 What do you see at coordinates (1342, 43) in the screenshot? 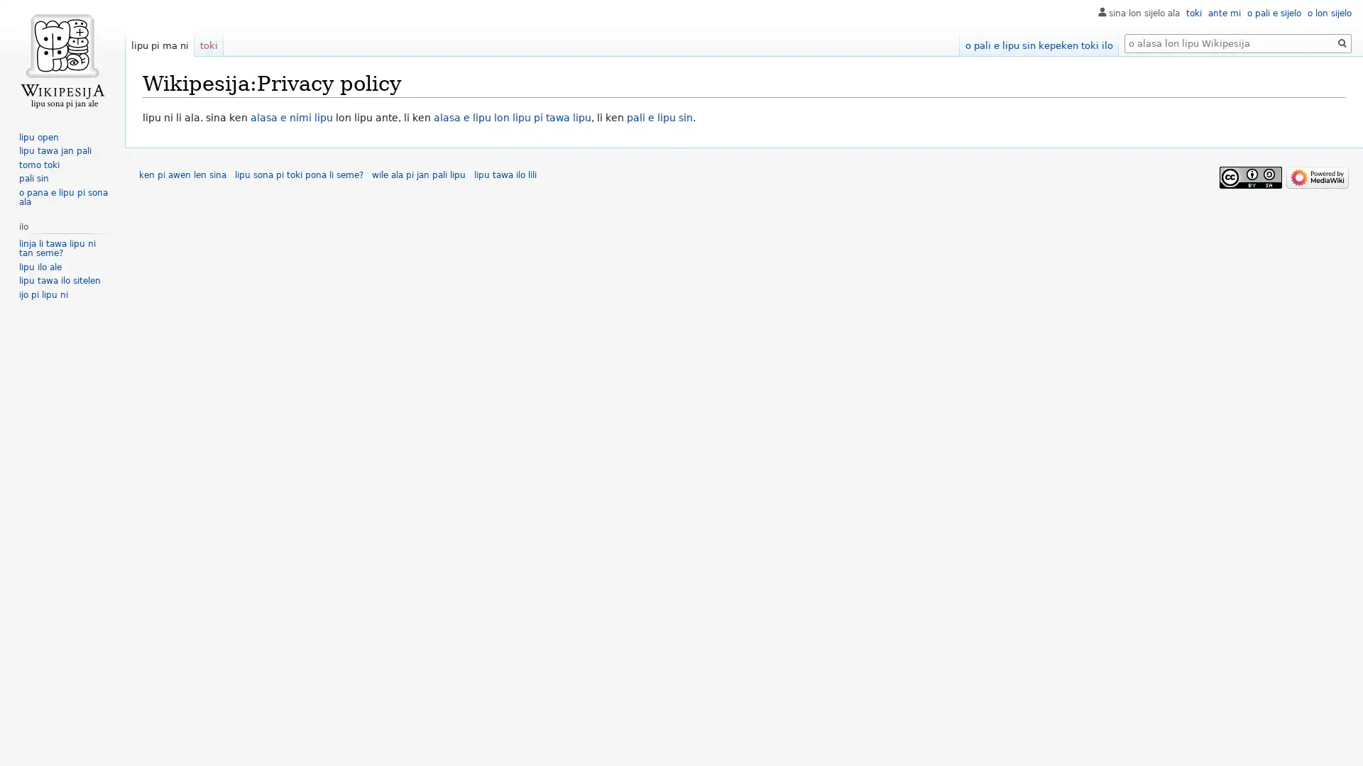
I see `o alasa` at bounding box center [1342, 43].